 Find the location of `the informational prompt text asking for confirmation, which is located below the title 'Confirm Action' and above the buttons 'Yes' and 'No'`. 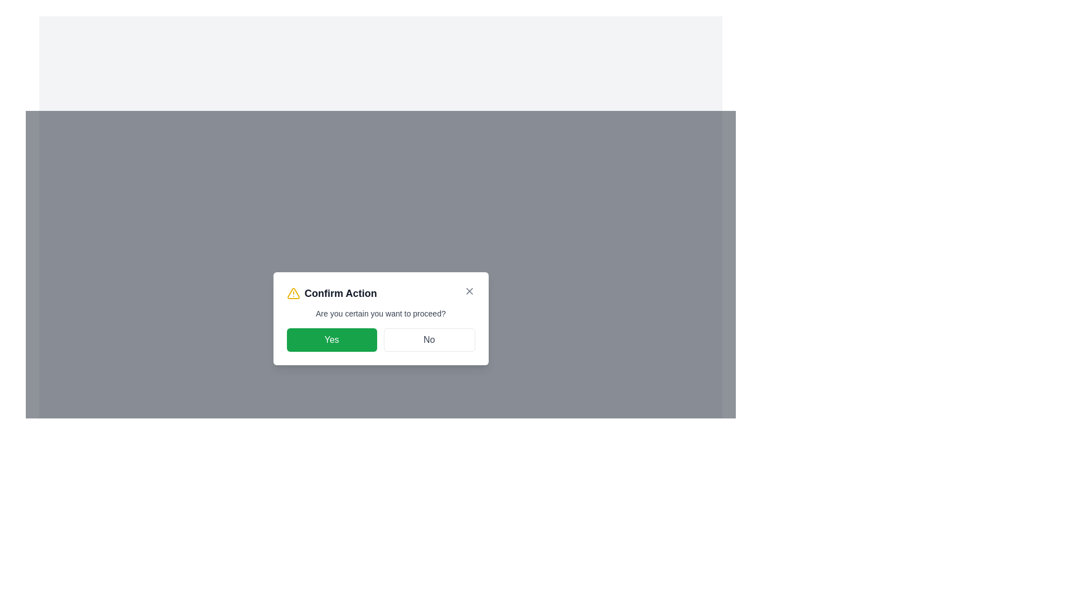

the informational prompt text asking for confirmation, which is located below the title 'Confirm Action' and above the buttons 'Yes' and 'No' is located at coordinates (381, 313).